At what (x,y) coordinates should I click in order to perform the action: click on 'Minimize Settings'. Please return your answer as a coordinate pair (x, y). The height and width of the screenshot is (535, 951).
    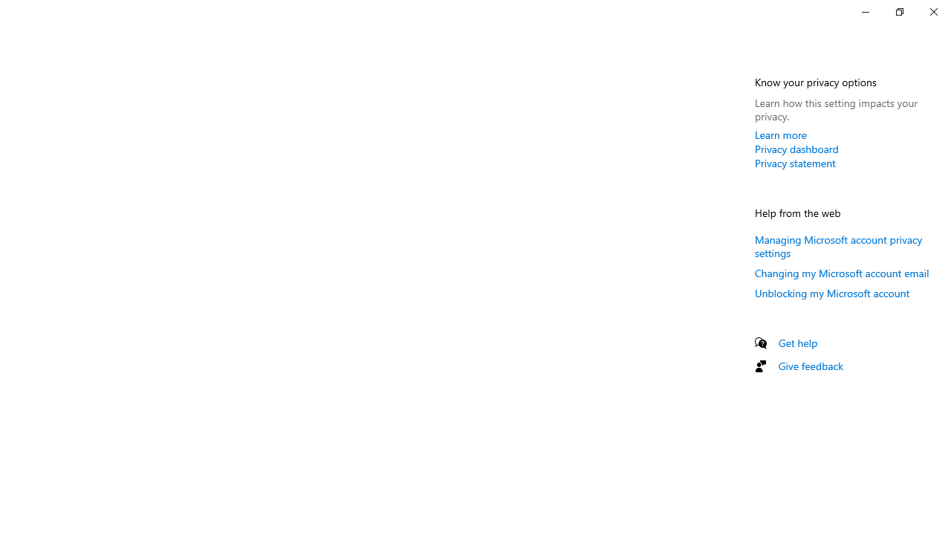
    Looking at the image, I should click on (865, 11).